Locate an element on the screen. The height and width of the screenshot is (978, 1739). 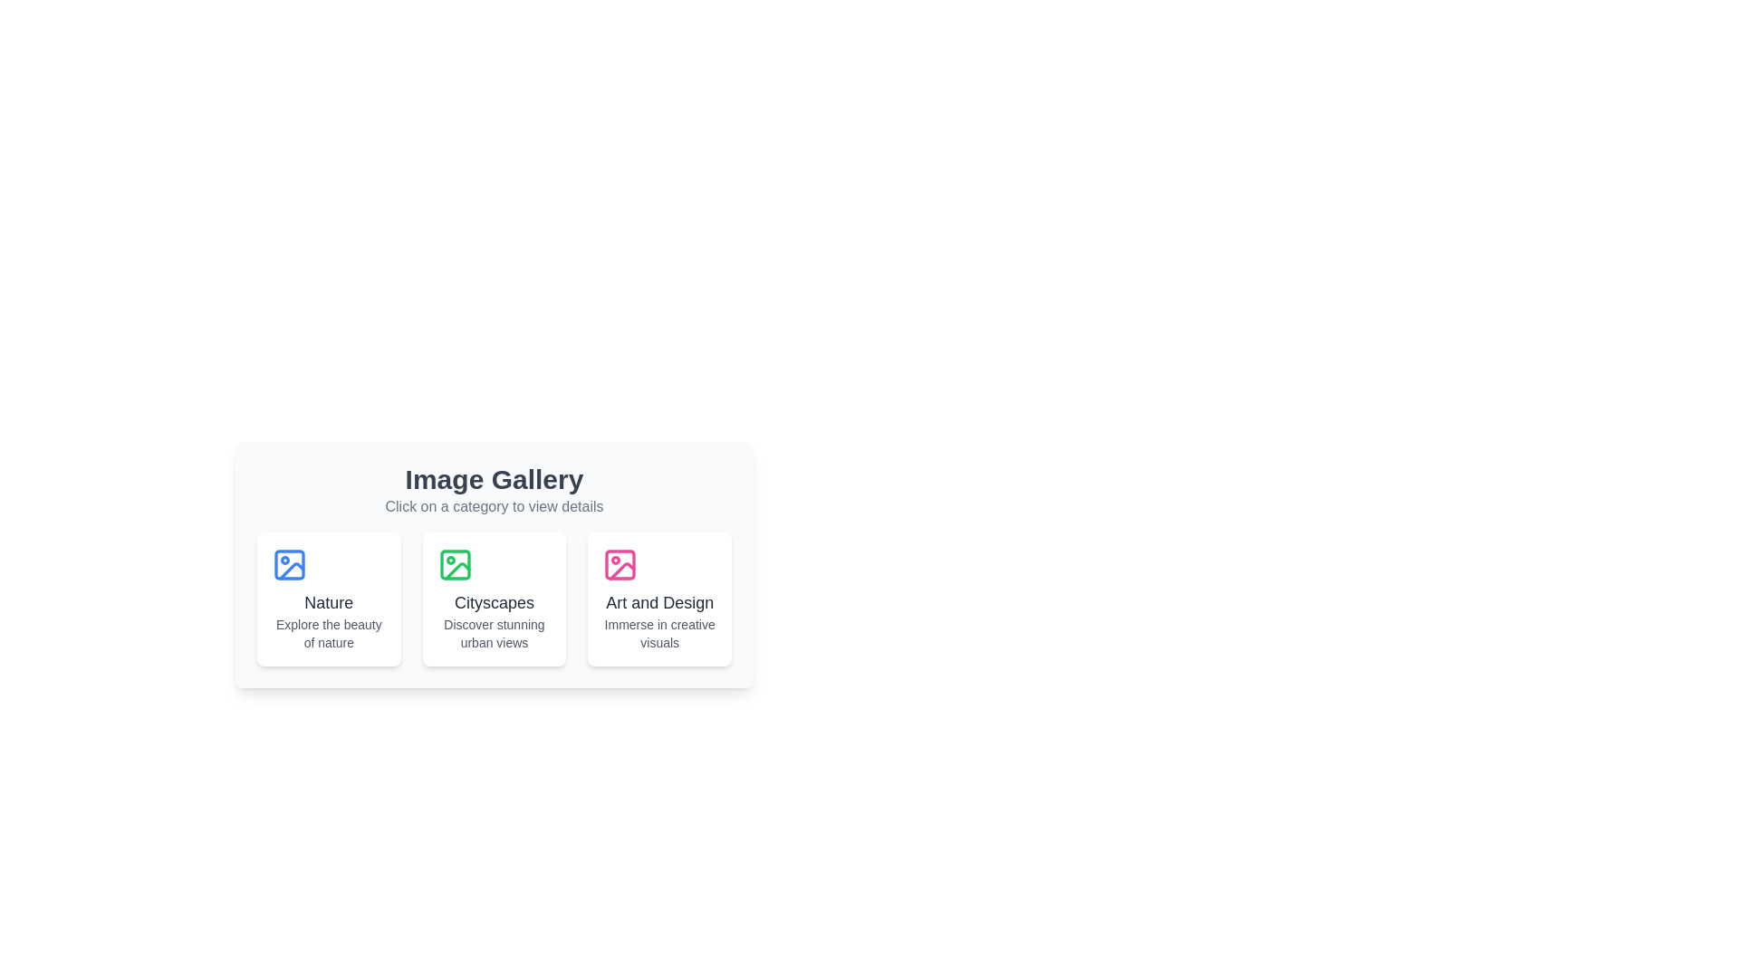
text displayed in the label stating 'Click on a category to view details', which is styled with a gray font color and positioned beneath the 'Image Gallery' header is located at coordinates (495, 506).